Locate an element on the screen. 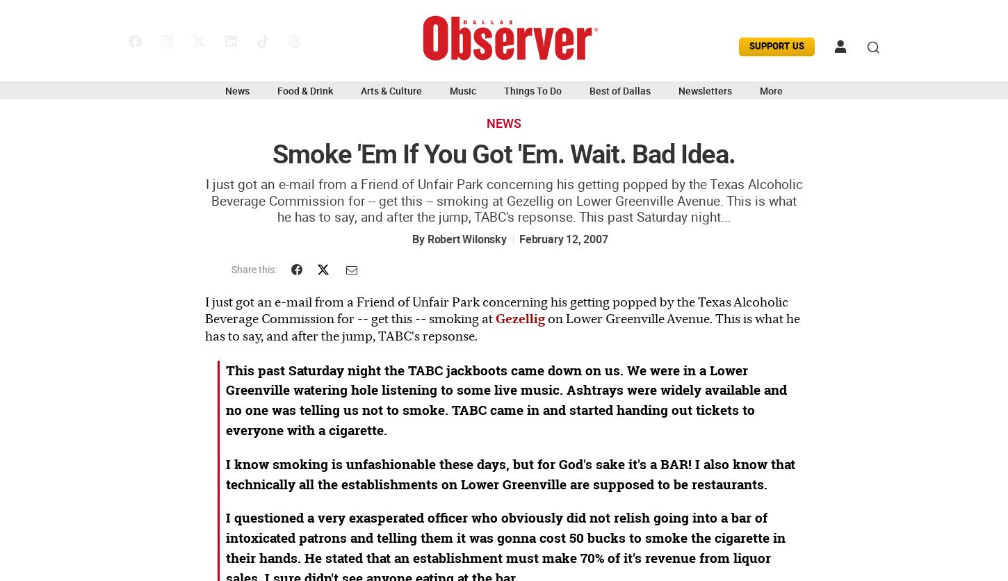  'Things To Do' is located at coordinates (504, 89).